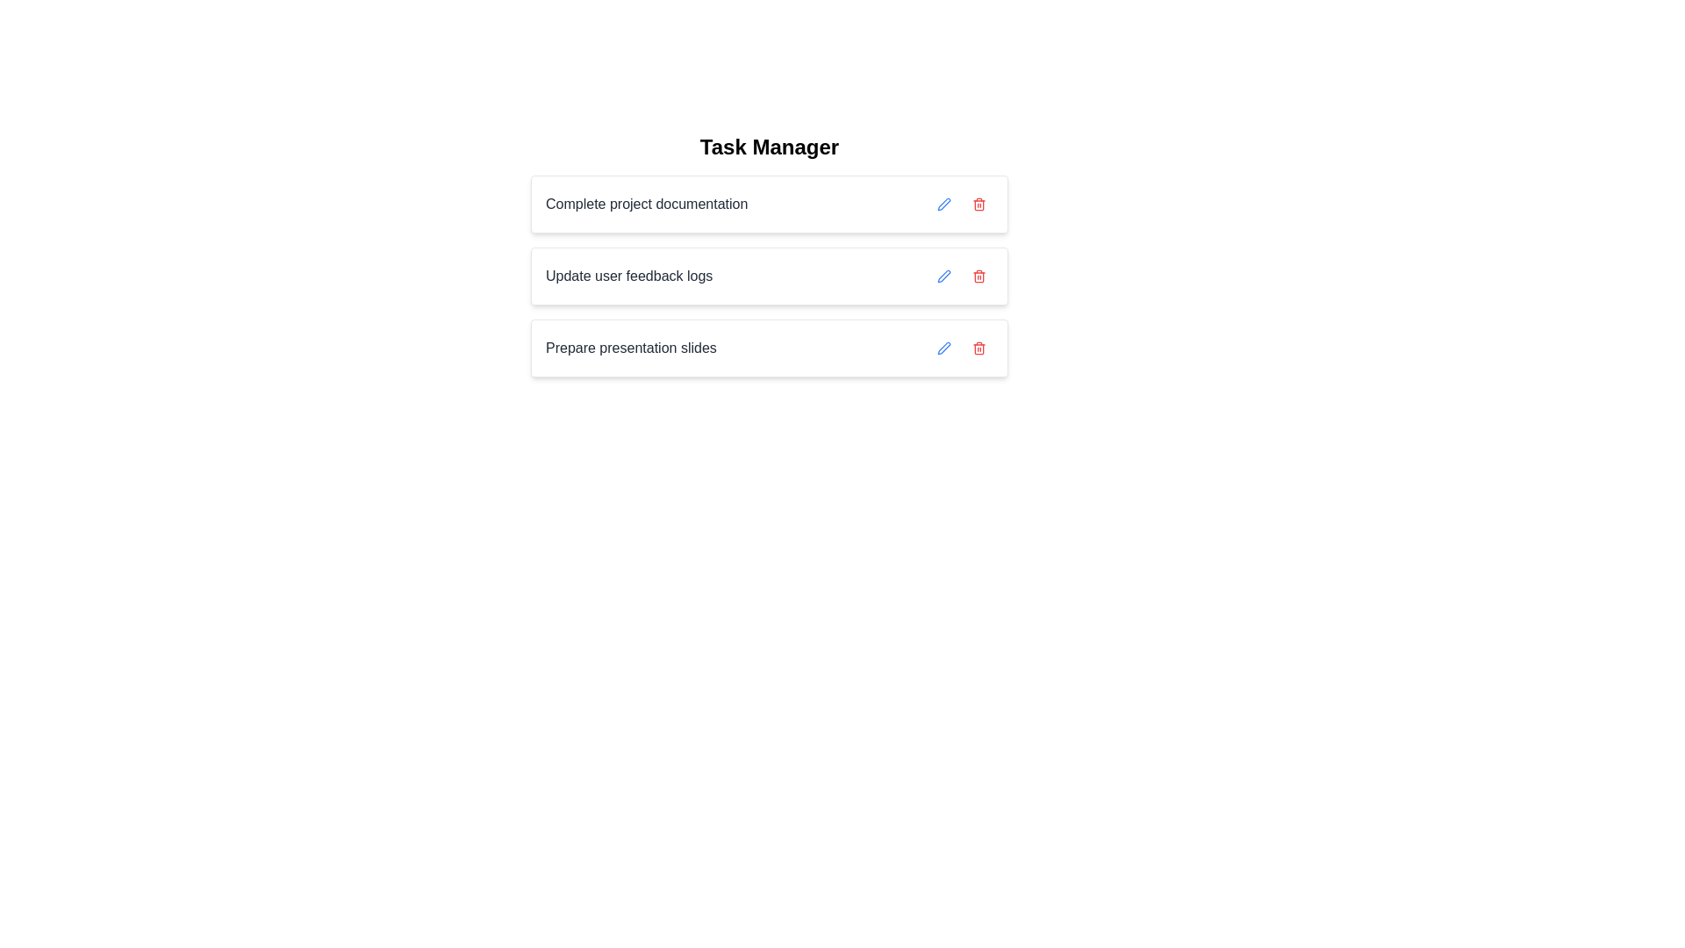 The width and height of the screenshot is (1685, 948). What do you see at coordinates (979, 348) in the screenshot?
I see `the red trash icon button representing a delete action, located to the far right of the 'Update user feedback logs' list item` at bounding box center [979, 348].